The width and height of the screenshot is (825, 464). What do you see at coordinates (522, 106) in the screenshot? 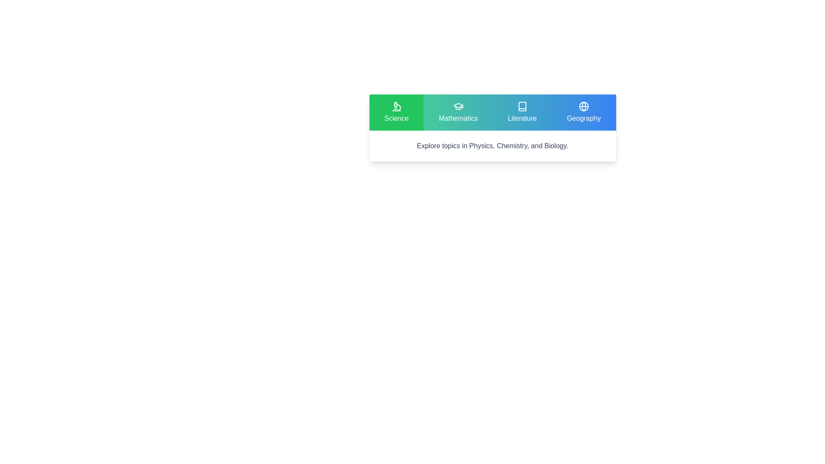
I see `the literature icon located in the third section of the navigation bar, which visually represents the concept of literature` at bounding box center [522, 106].